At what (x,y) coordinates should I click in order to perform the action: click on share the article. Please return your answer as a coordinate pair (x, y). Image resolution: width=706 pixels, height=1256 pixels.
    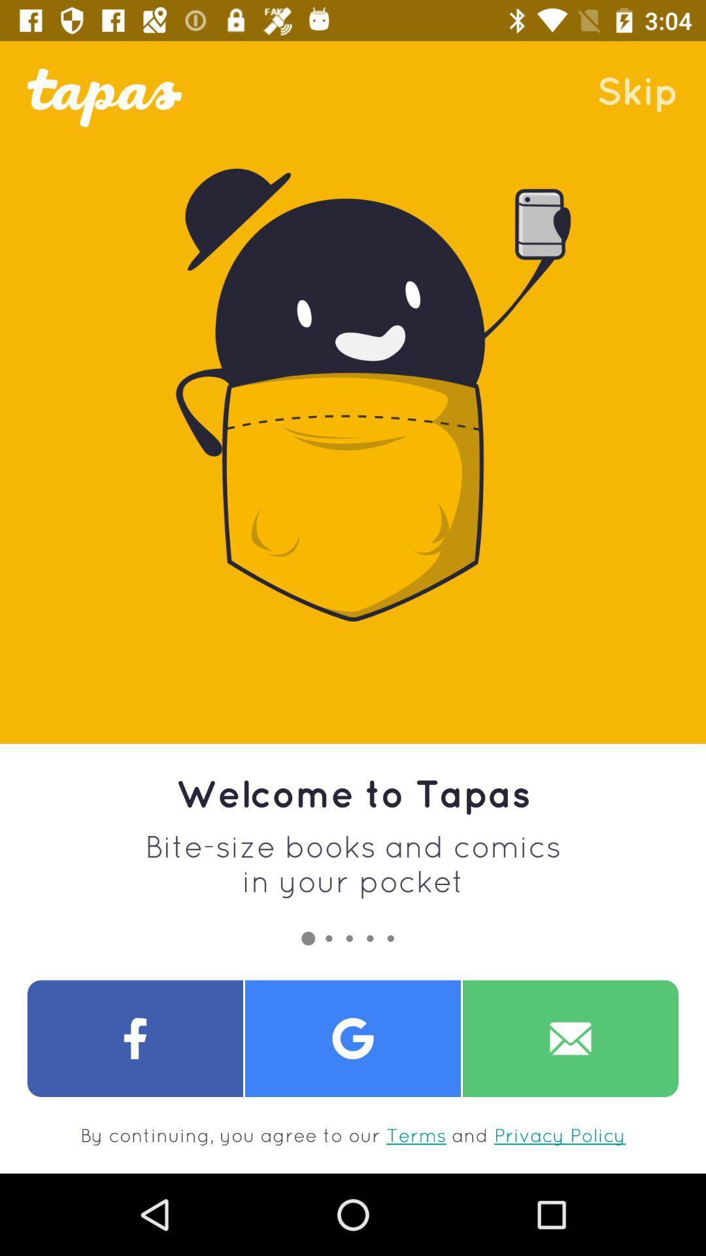
    Looking at the image, I should click on (353, 1038).